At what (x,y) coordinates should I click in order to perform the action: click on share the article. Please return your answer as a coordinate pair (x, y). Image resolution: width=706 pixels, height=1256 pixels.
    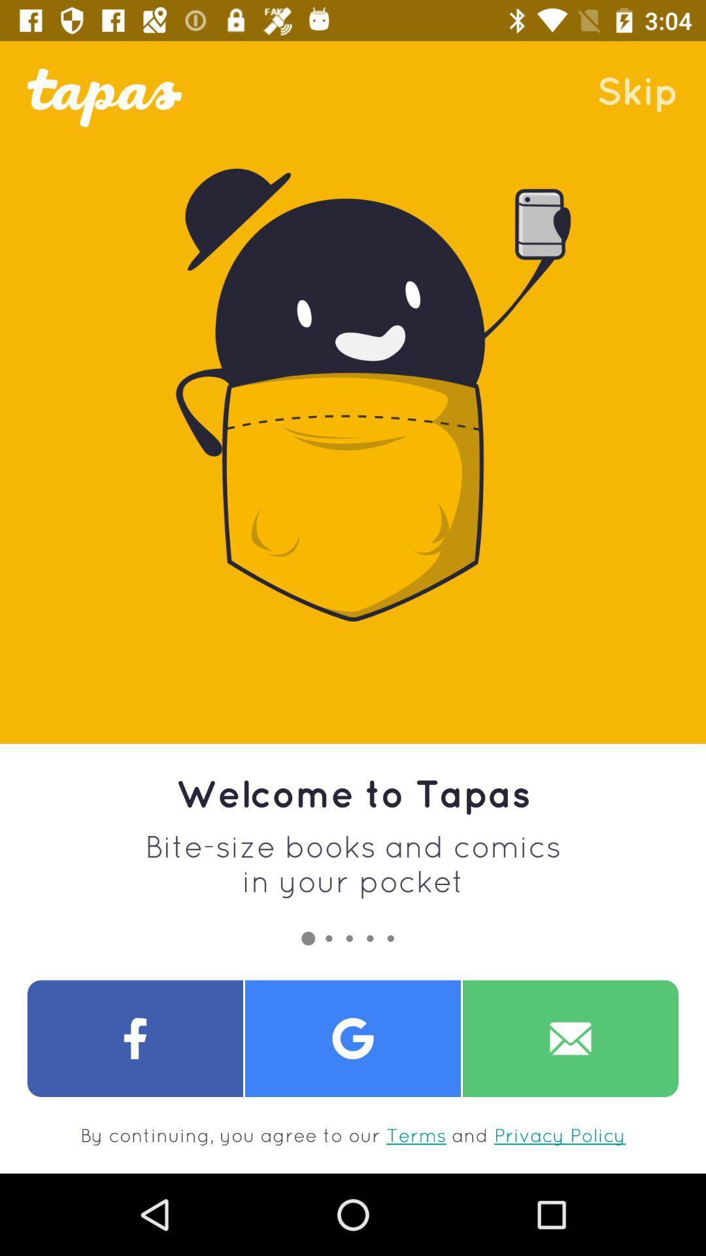
    Looking at the image, I should click on (353, 1038).